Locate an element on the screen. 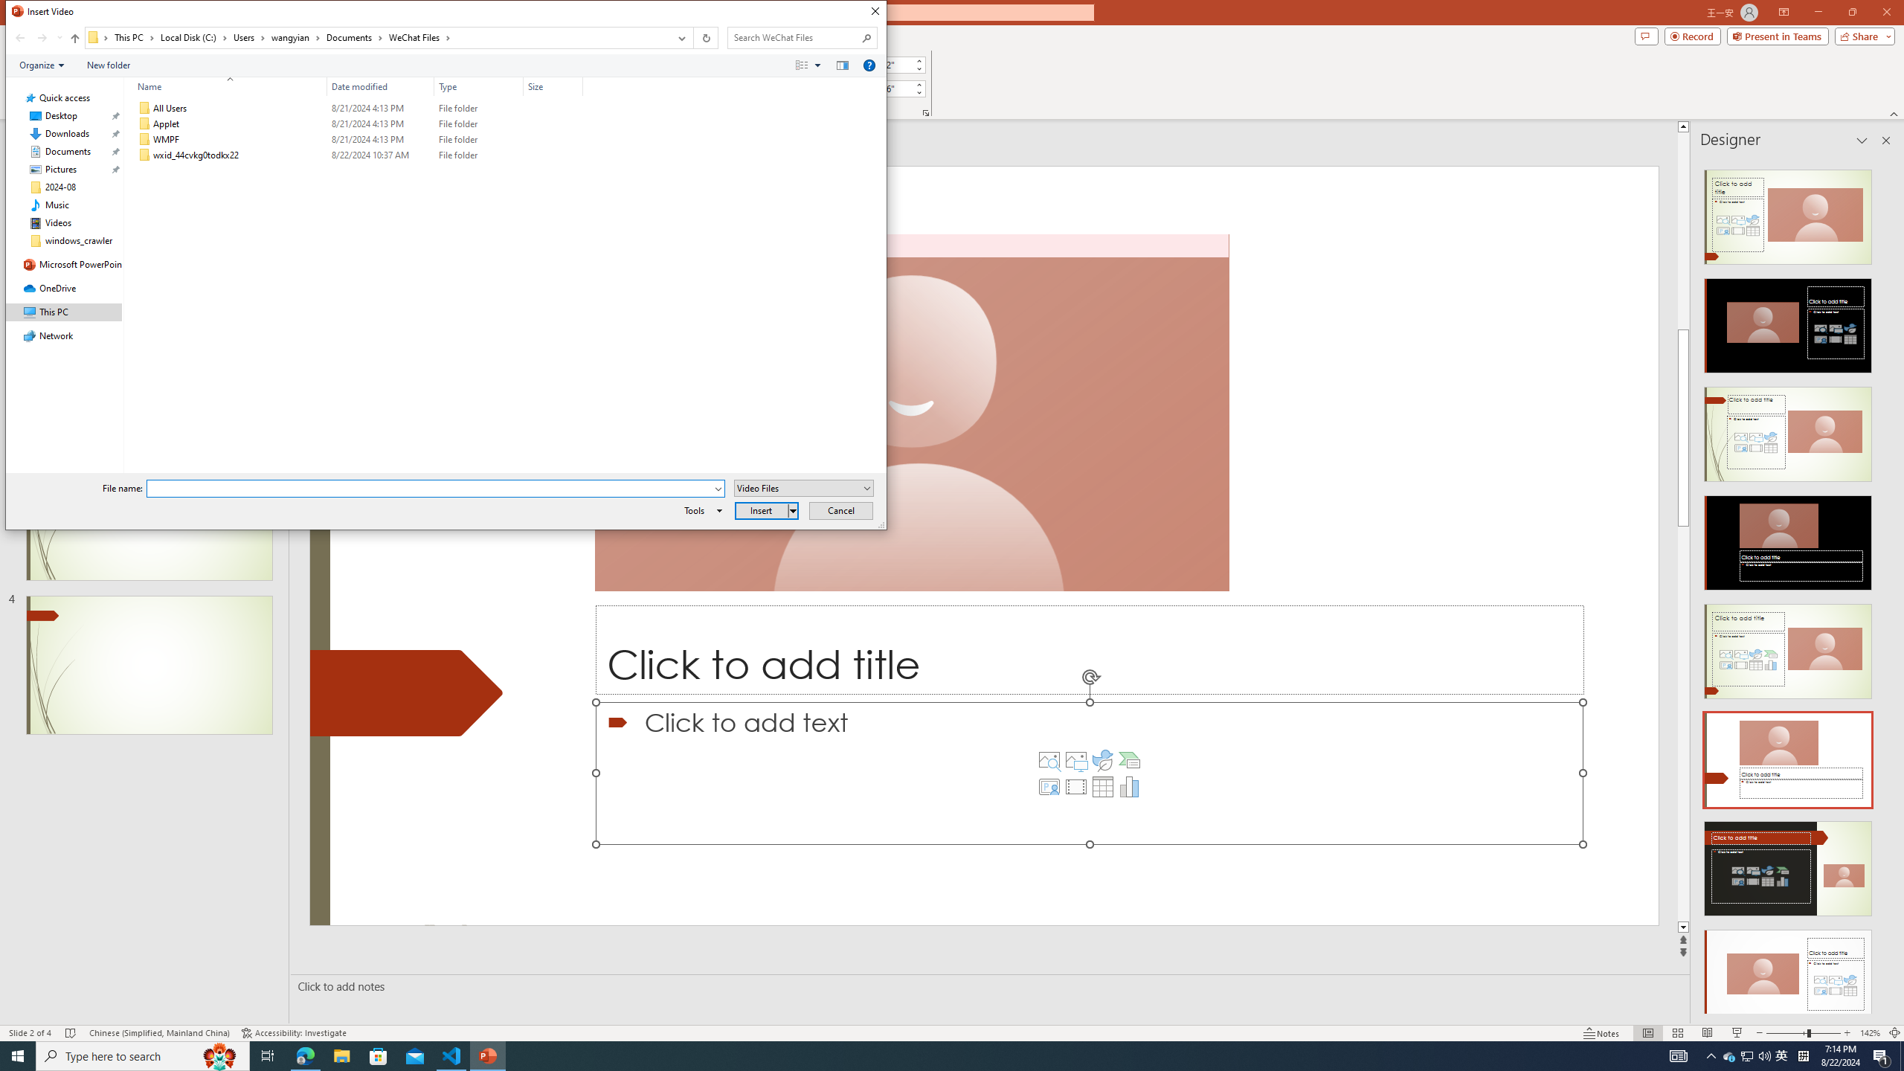 The width and height of the screenshot is (1904, 1071). 'Tools' is located at coordinates (700, 509).